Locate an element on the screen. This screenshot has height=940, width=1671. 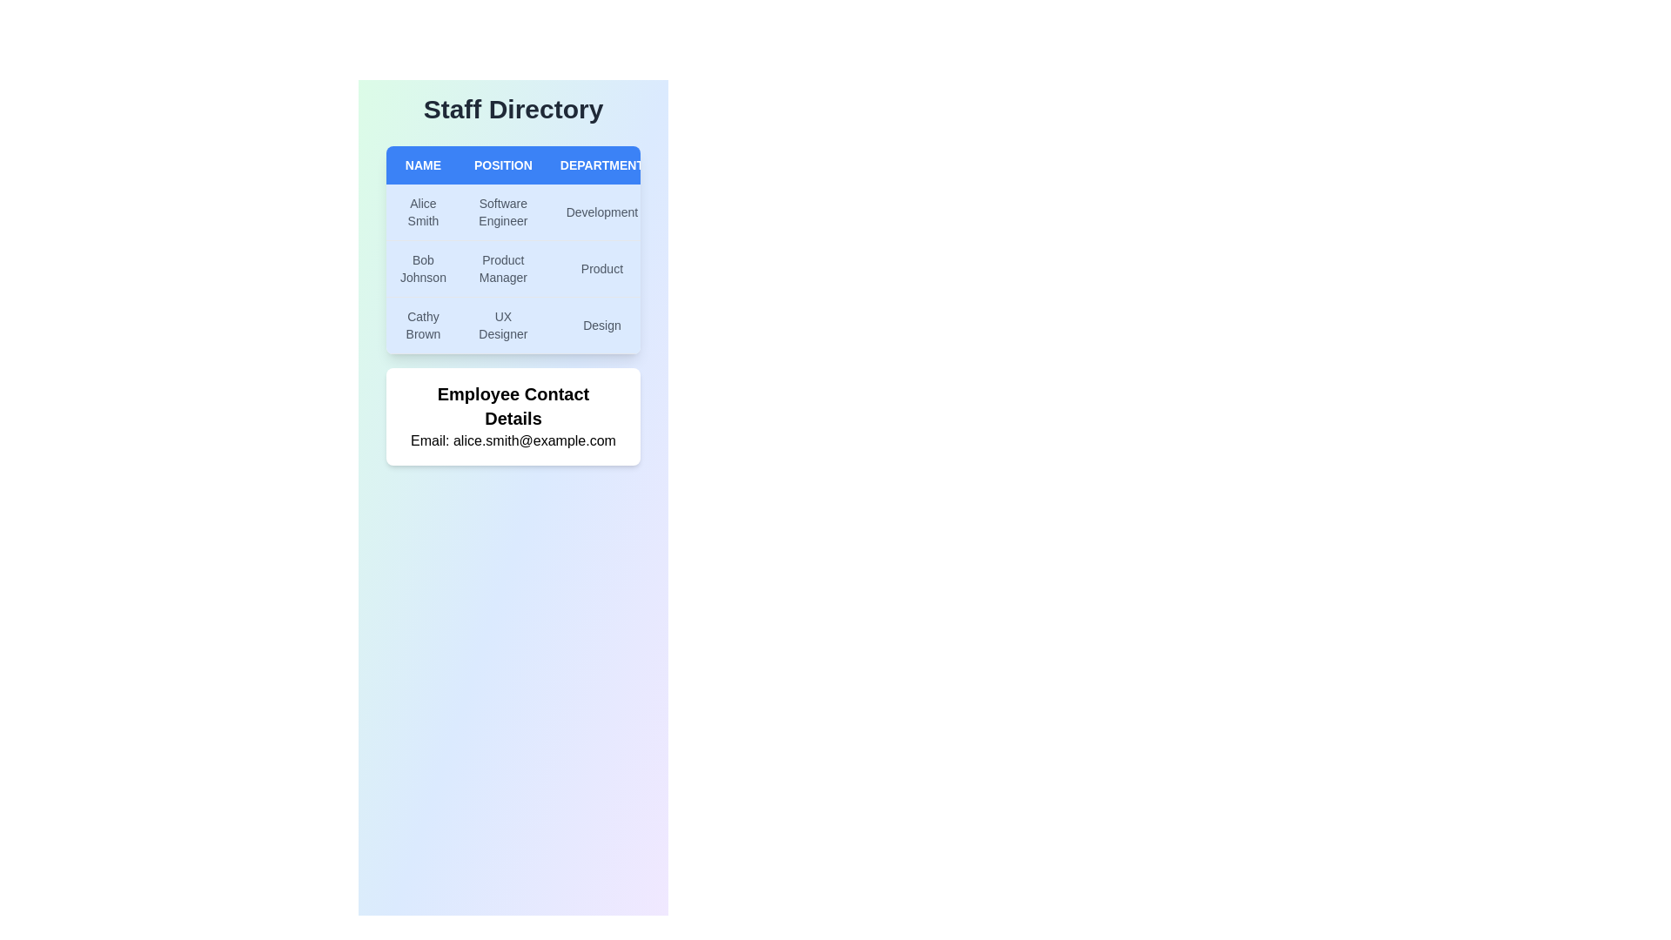
the first row in the employee directory under the 'Staff Directory' heading is located at coordinates (563, 211).